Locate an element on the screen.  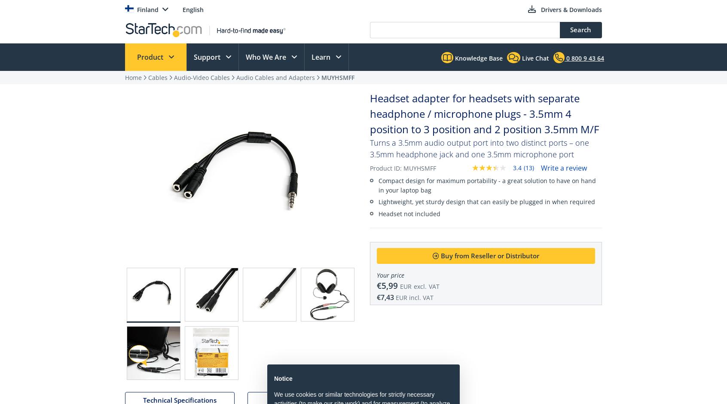
'3.4' is located at coordinates (517, 167).